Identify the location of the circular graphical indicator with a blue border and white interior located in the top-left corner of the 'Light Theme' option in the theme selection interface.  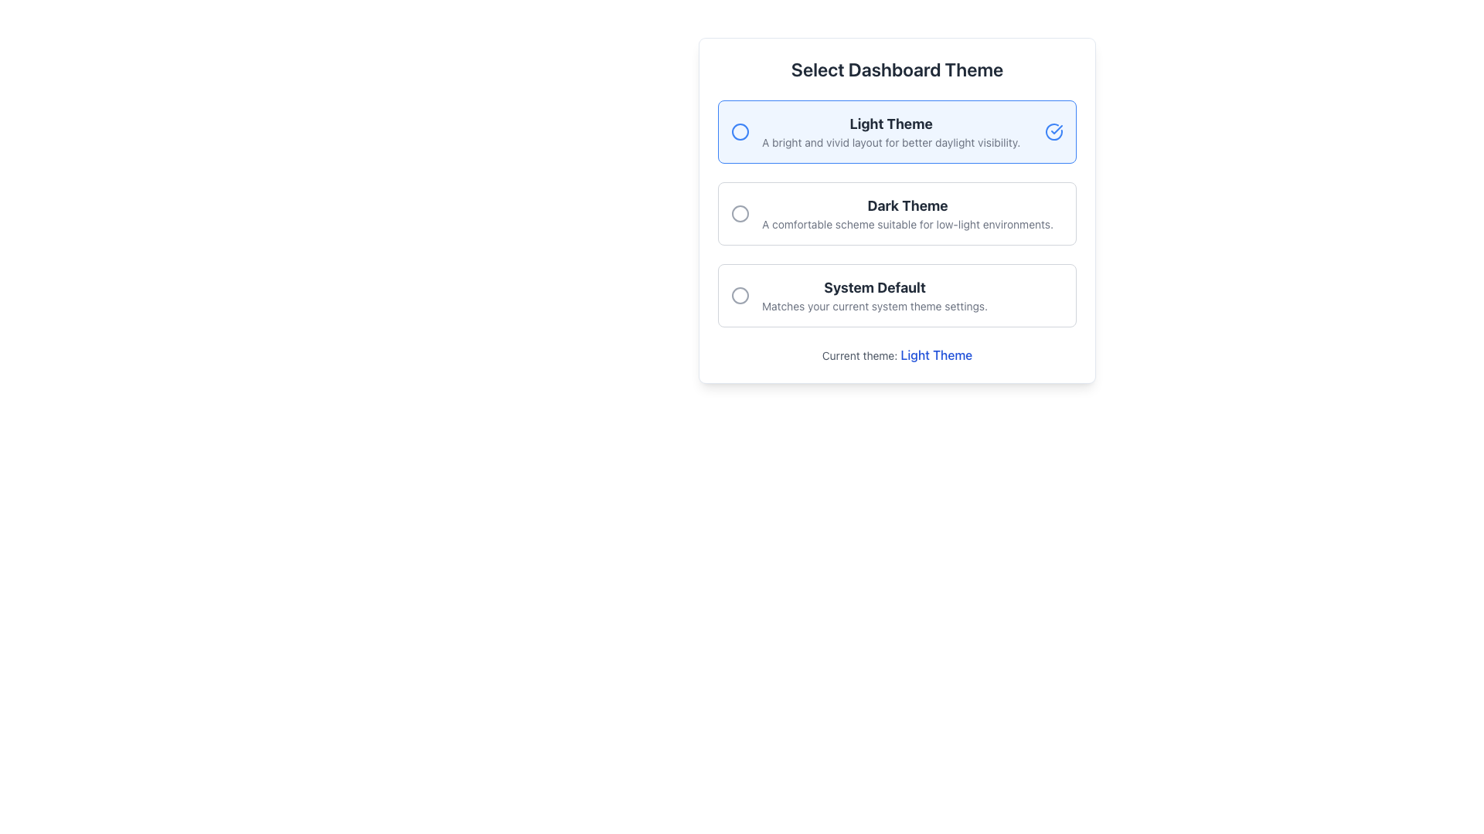
(740, 131).